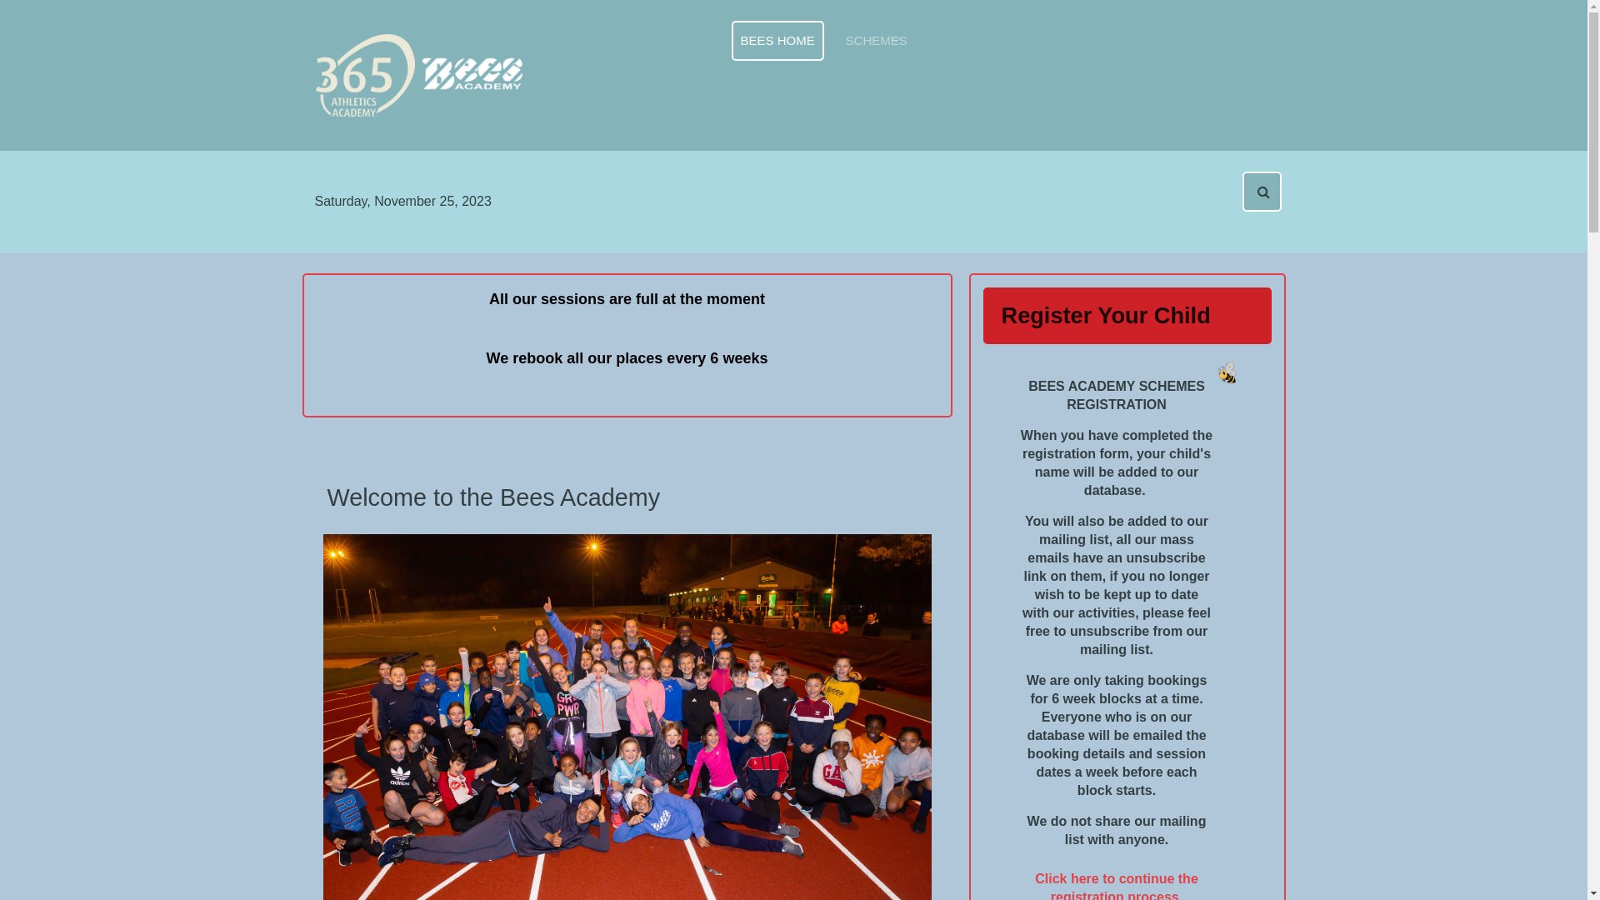  What do you see at coordinates (732, 40) in the screenshot?
I see `'BEES HOME'` at bounding box center [732, 40].